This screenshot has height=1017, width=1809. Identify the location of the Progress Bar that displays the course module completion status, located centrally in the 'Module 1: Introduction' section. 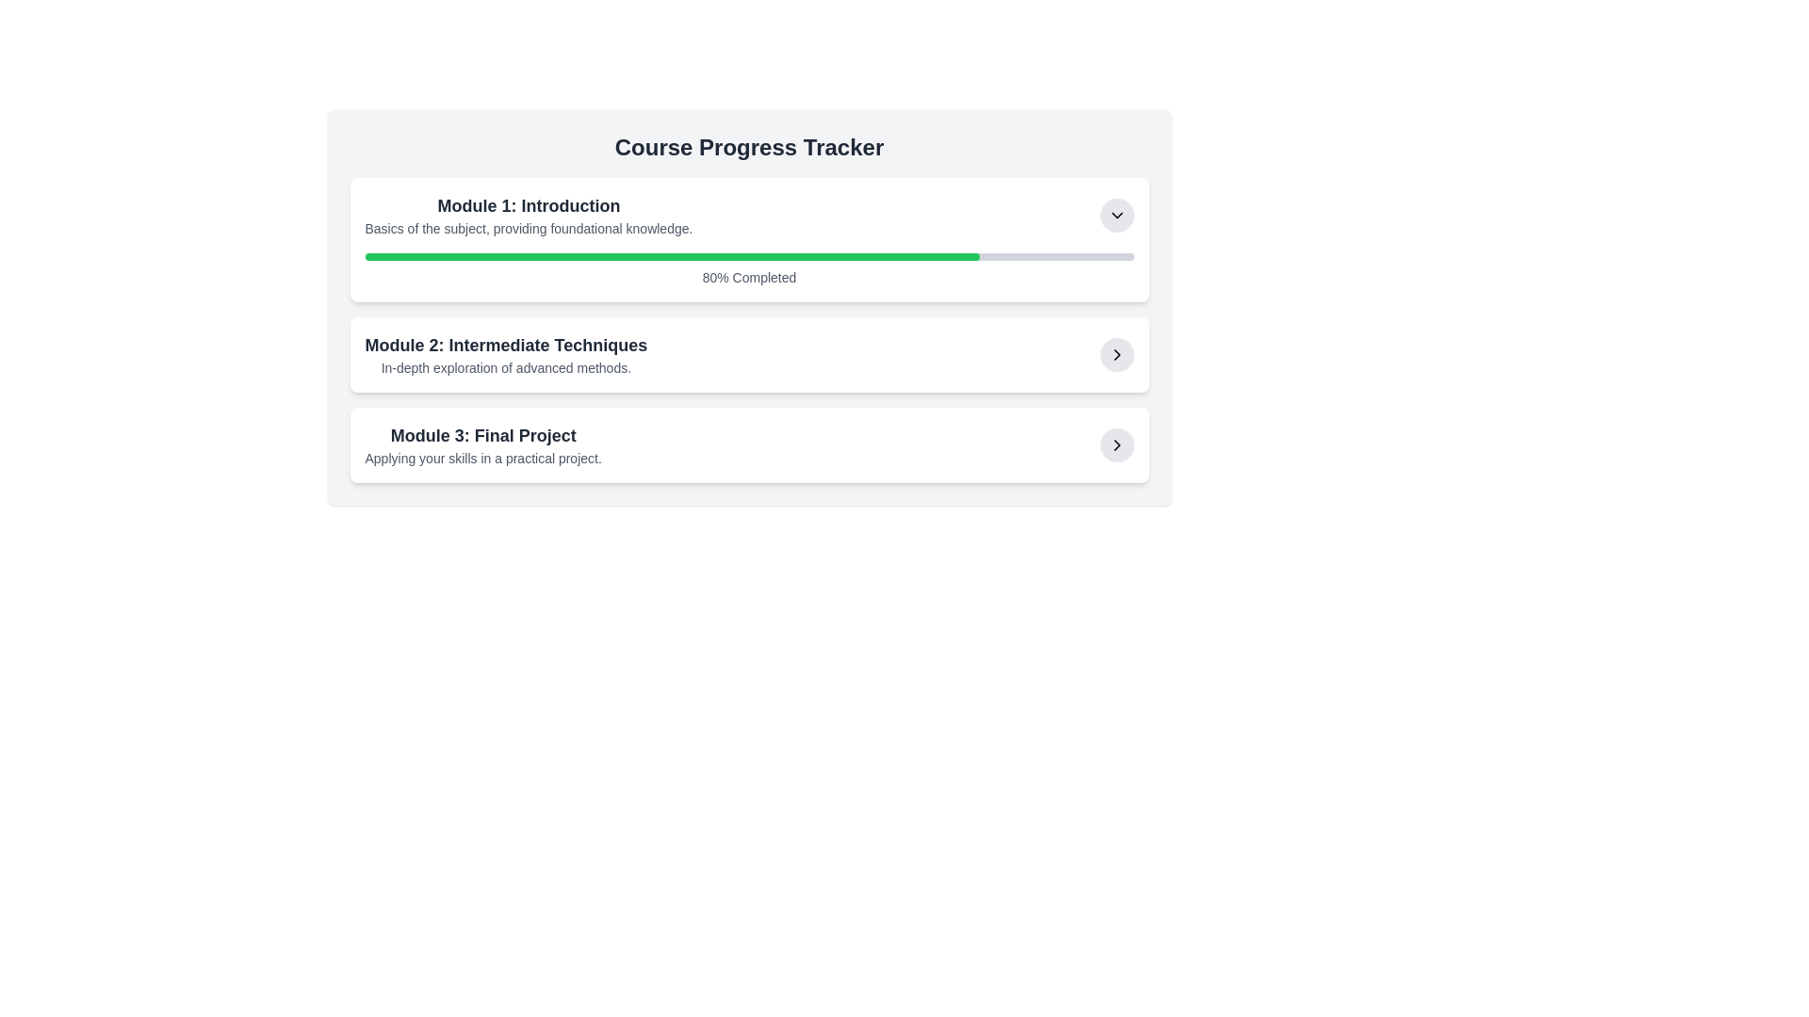
(748, 269).